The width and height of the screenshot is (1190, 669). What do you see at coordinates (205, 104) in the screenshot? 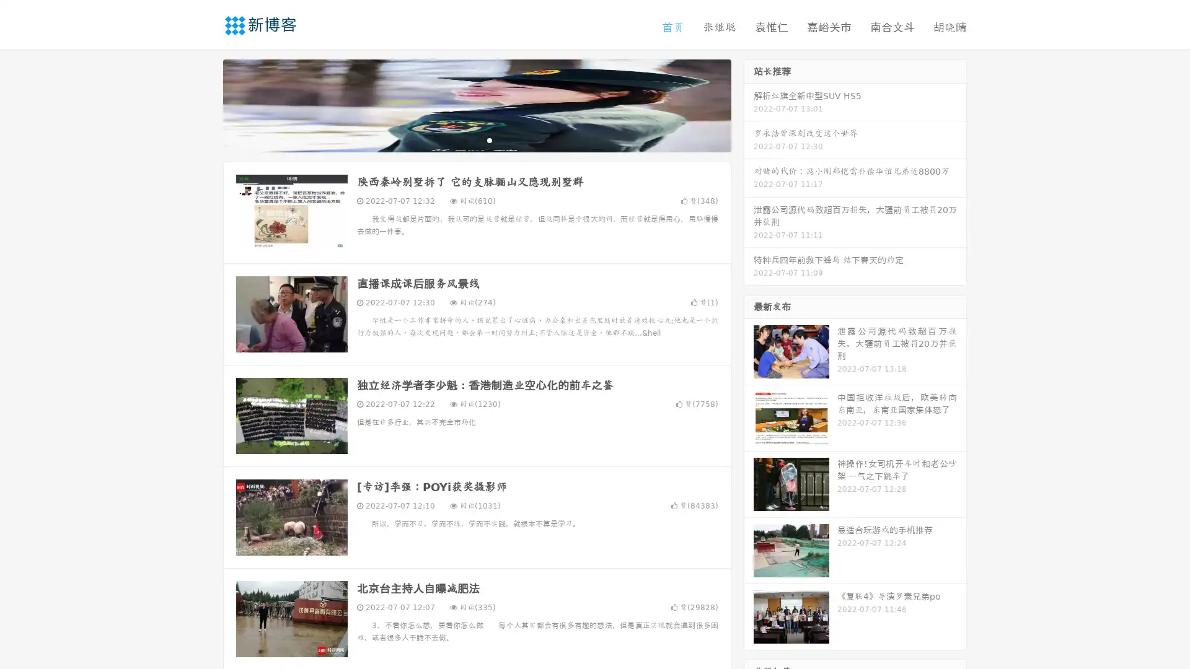
I see `Previous slide` at bounding box center [205, 104].